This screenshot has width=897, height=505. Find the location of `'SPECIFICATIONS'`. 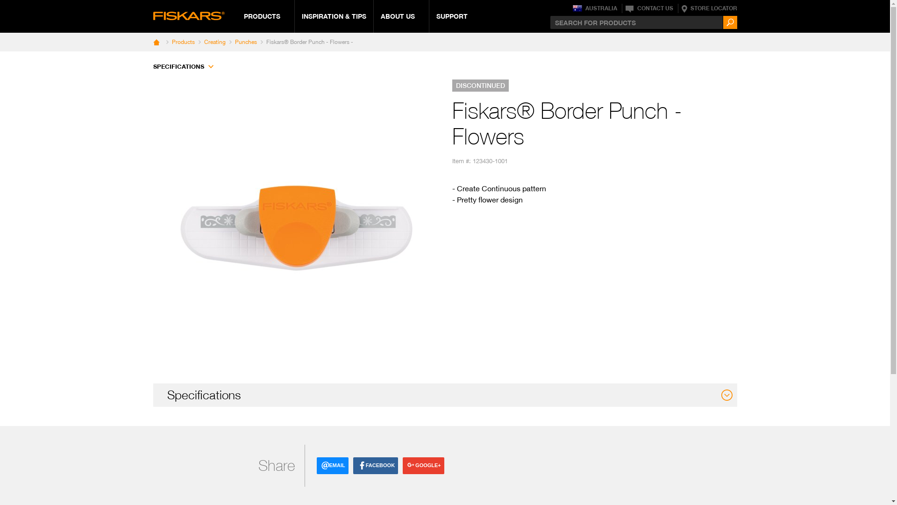

'SPECIFICATIONS' is located at coordinates (153, 66).